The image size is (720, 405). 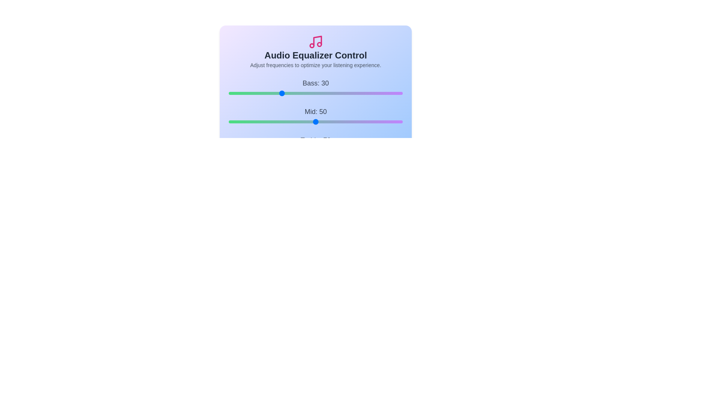 What do you see at coordinates (287, 121) in the screenshot?
I see `the 'Mid' slider to set the midrange level to 34` at bounding box center [287, 121].